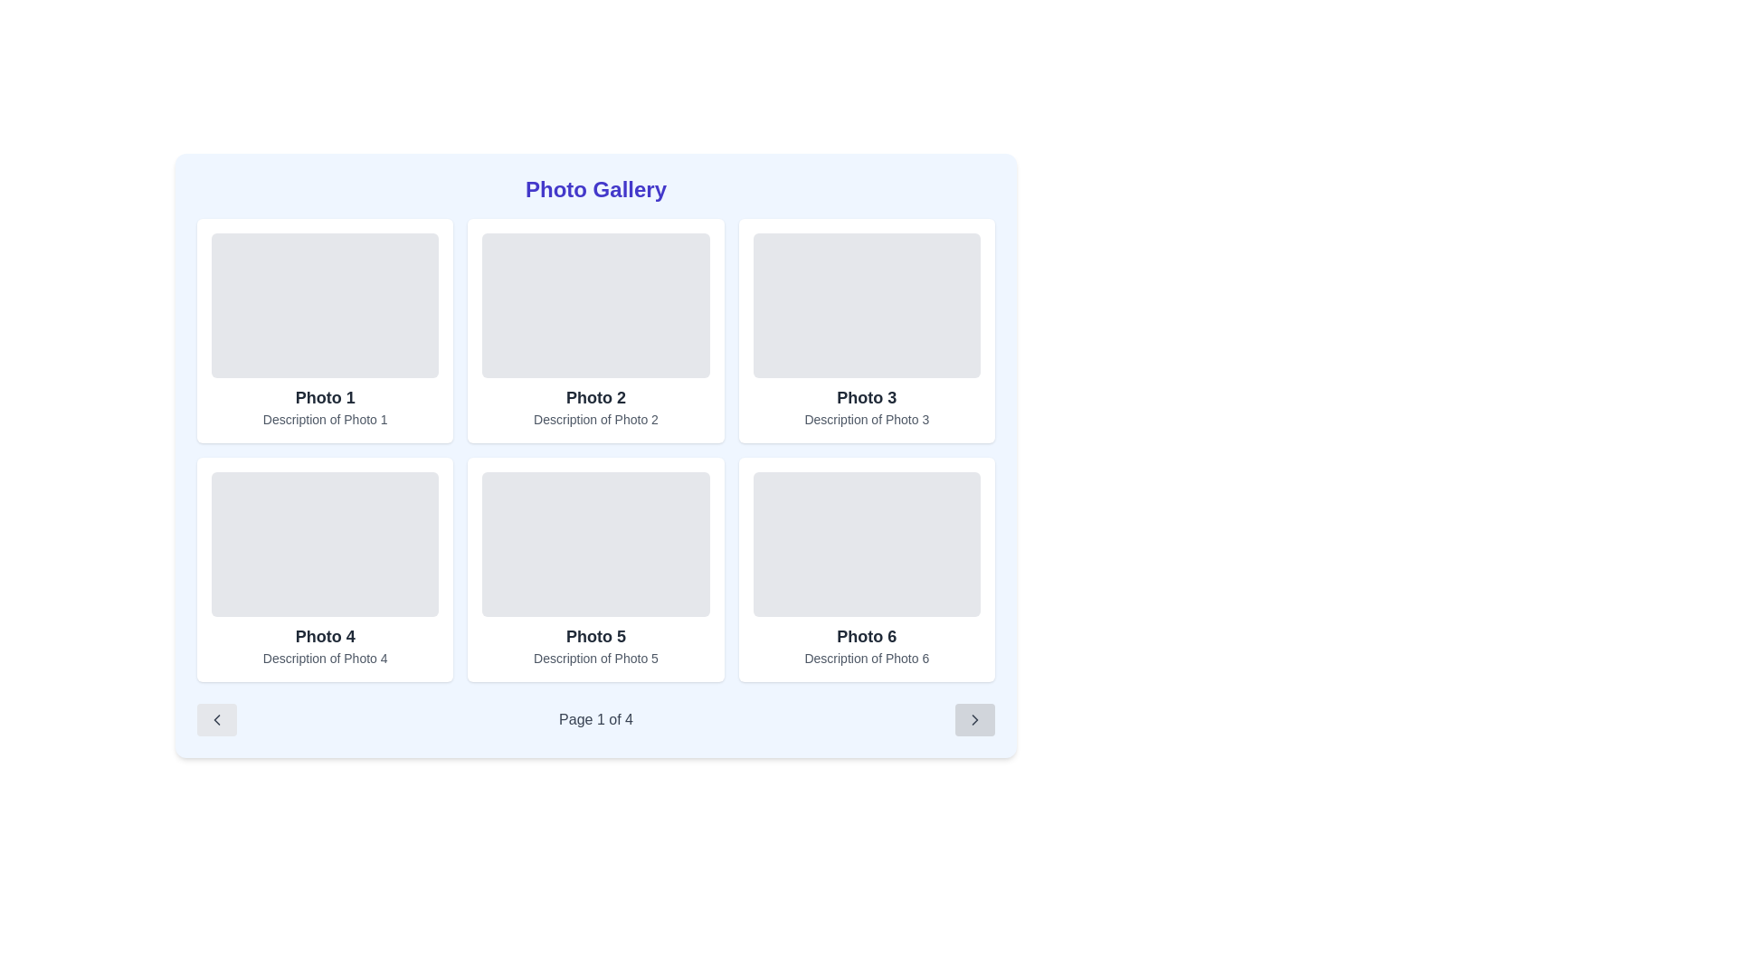 This screenshot has width=1737, height=977. I want to click on the image placeholder element representing 'Photo 1' in the top-left card of the main interface, so click(325, 305).